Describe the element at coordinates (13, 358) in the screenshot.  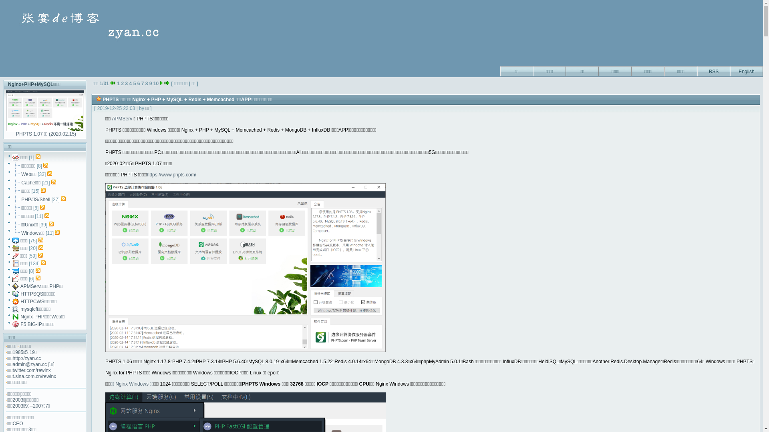
I see `'http://zyan.cc'` at that location.